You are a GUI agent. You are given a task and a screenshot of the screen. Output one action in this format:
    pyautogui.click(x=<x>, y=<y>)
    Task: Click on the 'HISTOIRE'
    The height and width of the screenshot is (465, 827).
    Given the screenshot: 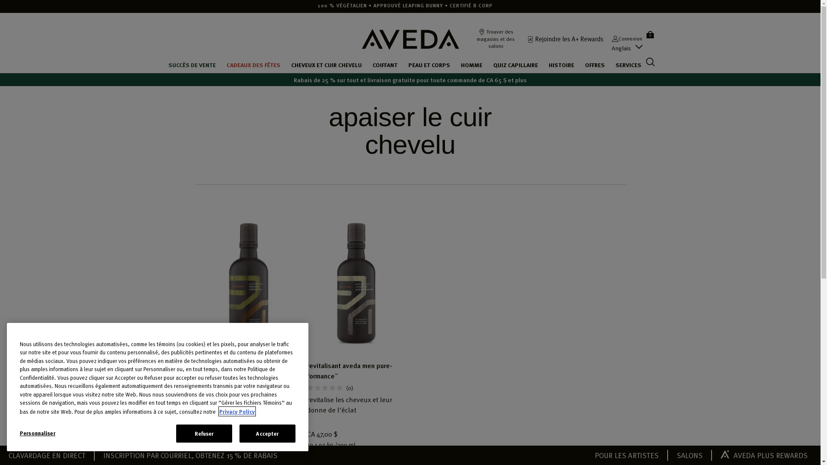 What is the action you would take?
    pyautogui.click(x=548, y=64)
    